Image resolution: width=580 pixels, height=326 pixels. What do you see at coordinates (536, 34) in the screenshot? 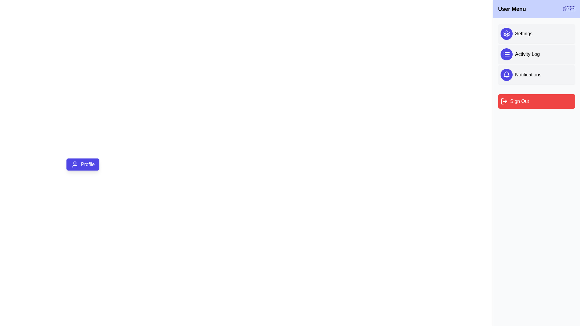
I see `the option Settings from the user menu` at bounding box center [536, 34].